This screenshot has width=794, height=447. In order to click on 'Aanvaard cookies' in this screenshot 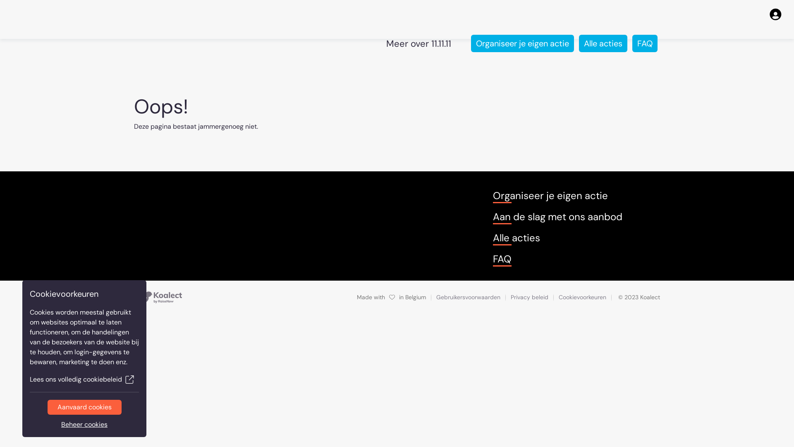, I will do `click(84, 406)`.